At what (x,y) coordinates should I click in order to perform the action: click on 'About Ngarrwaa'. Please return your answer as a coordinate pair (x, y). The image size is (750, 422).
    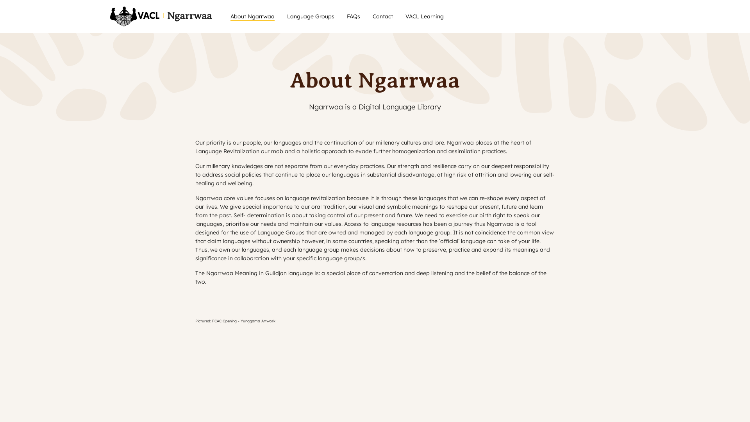
    Looking at the image, I should click on (252, 16).